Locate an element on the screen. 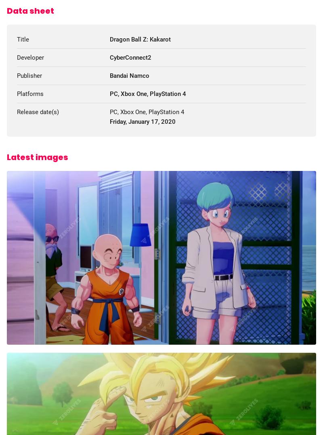  'Latest images' is located at coordinates (7, 156).